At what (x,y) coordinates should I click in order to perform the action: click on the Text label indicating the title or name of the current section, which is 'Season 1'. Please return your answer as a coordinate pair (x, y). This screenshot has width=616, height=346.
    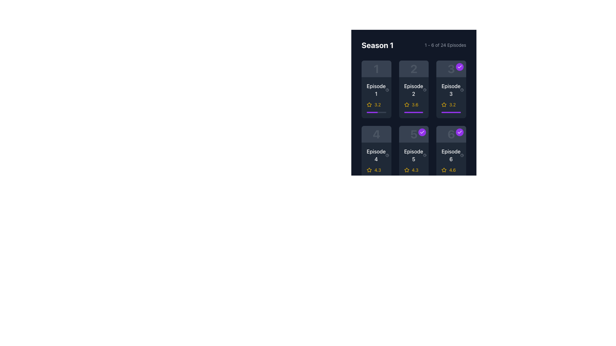
    Looking at the image, I should click on (377, 45).